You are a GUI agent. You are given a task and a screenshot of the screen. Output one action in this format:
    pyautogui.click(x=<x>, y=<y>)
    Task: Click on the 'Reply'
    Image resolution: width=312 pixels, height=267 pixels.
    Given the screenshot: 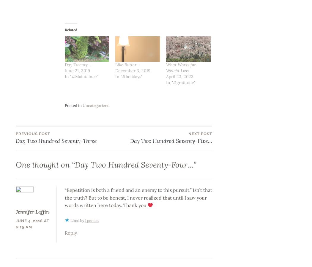 What is the action you would take?
    pyautogui.click(x=70, y=233)
    